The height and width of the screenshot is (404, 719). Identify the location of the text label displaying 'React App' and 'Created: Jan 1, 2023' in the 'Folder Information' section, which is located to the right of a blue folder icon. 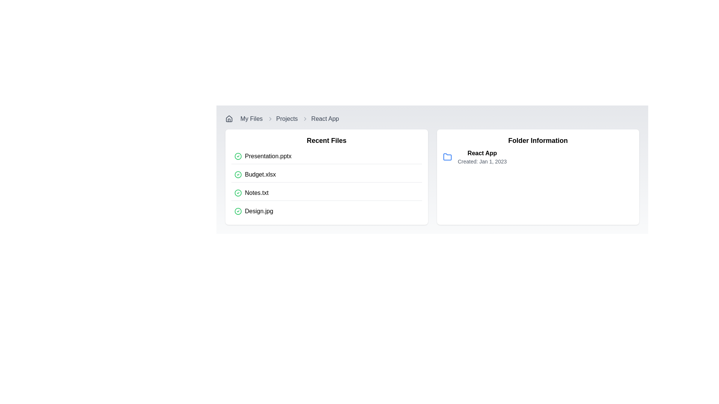
(482, 157).